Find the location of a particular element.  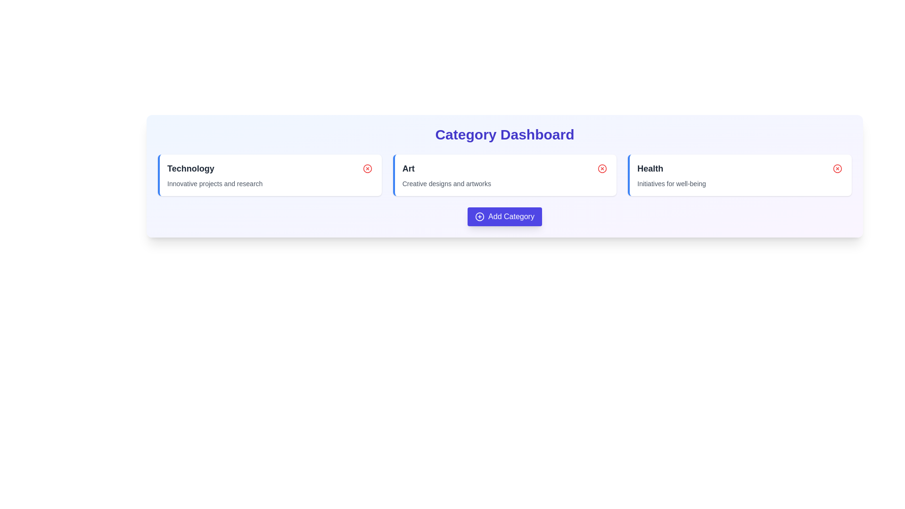

the text label displaying 'Creative designs and artworks' within the 'Art' card, which features a blue border on its left side is located at coordinates (446, 183).